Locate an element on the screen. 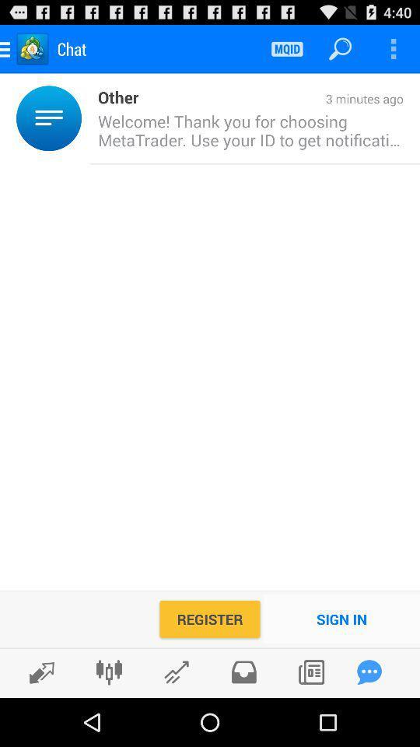  the edit icon is located at coordinates (37, 720).